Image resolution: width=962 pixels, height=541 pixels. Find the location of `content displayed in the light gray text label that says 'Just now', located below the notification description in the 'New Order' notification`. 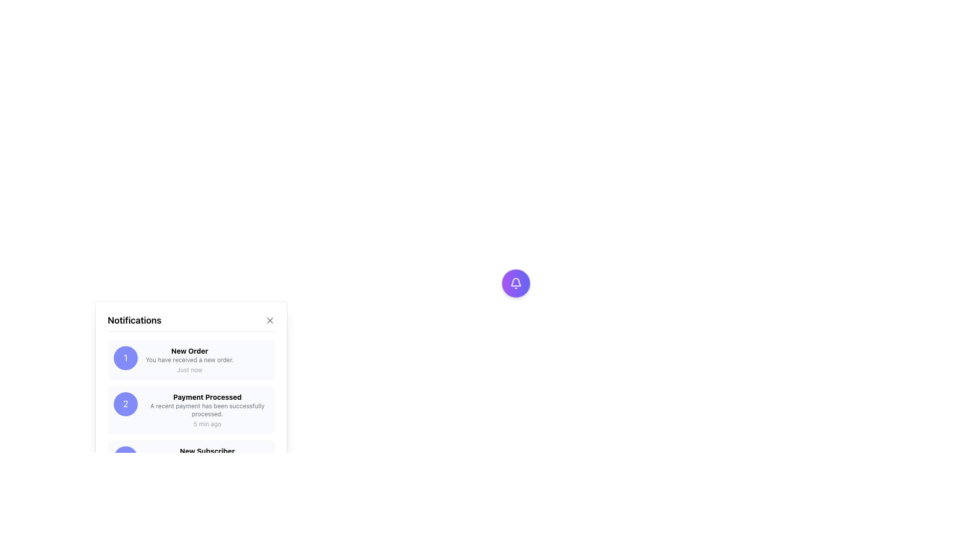

content displayed in the light gray text label that says 'Just now', located below the notification description in the 'New Order' notification is located at coordinates (189, 370).